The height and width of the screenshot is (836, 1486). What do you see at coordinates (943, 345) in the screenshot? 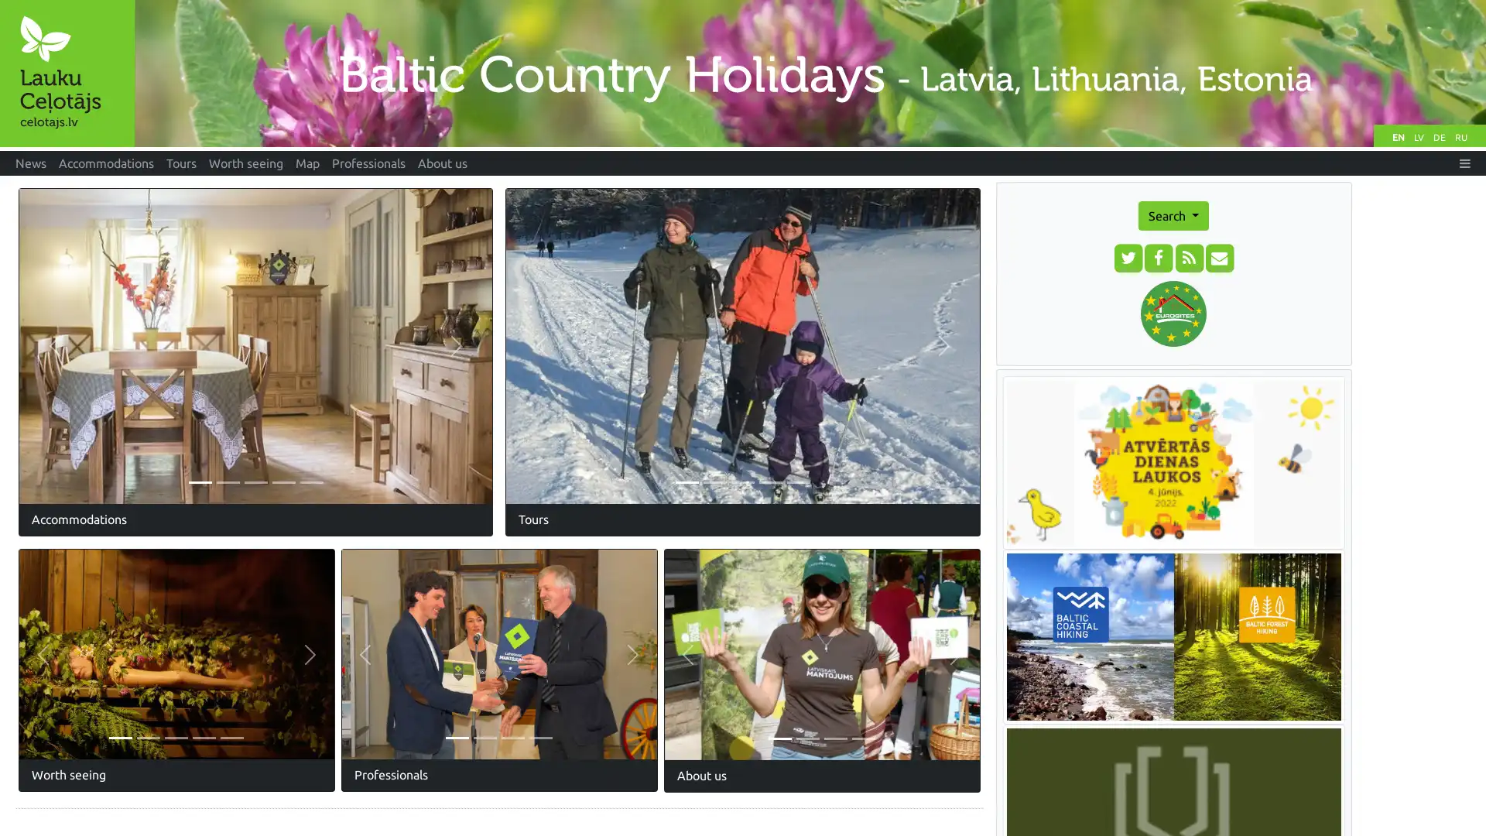
I see `Next` at bounding box center [943, 345].